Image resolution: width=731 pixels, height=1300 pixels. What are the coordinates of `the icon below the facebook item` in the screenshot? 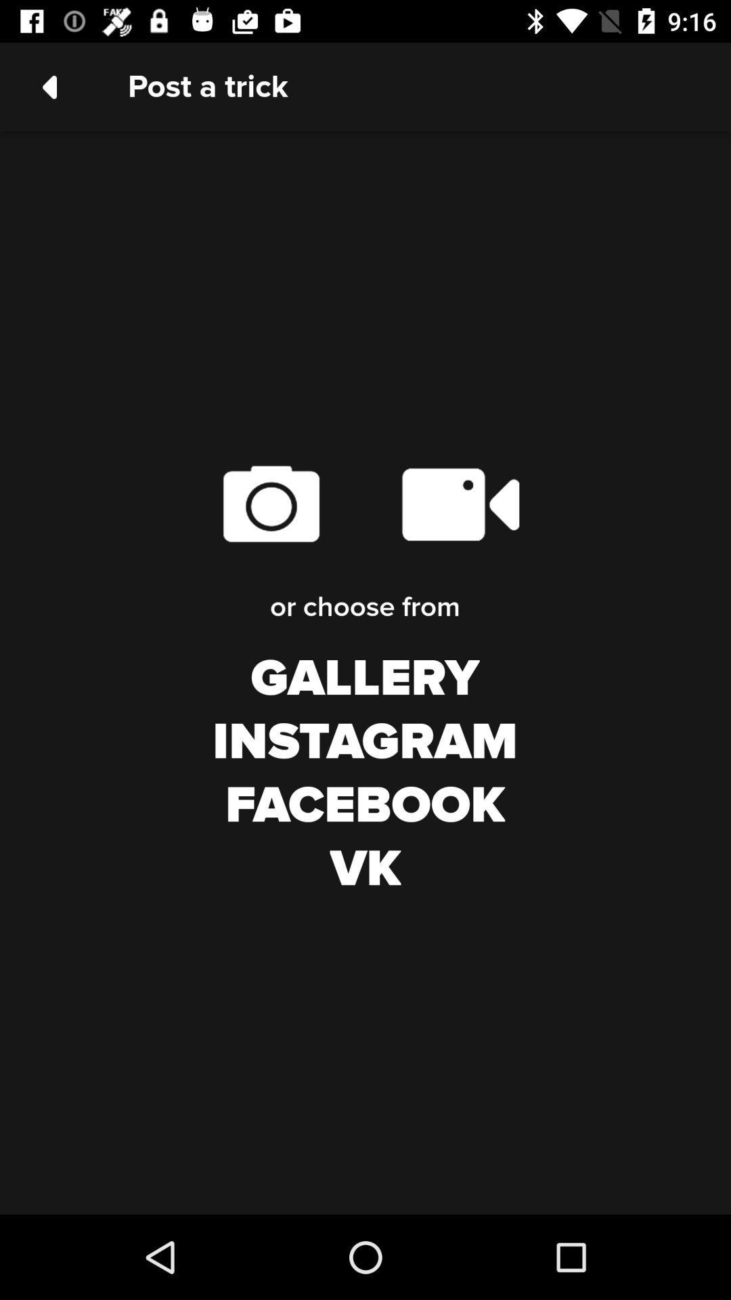 It's located at (365, 869).